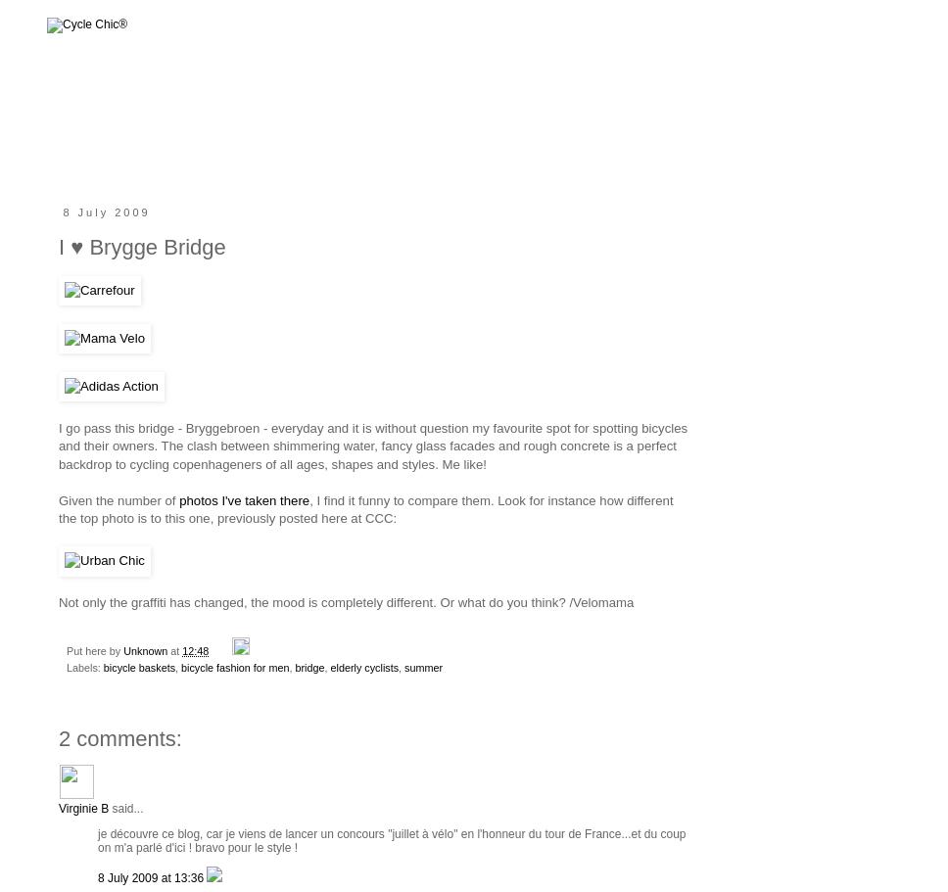 The image size is (948, 892). What do you see at coordinates (308, 665) in the screenshot?
I see `'bridge'` at bounding box center [308, 665].